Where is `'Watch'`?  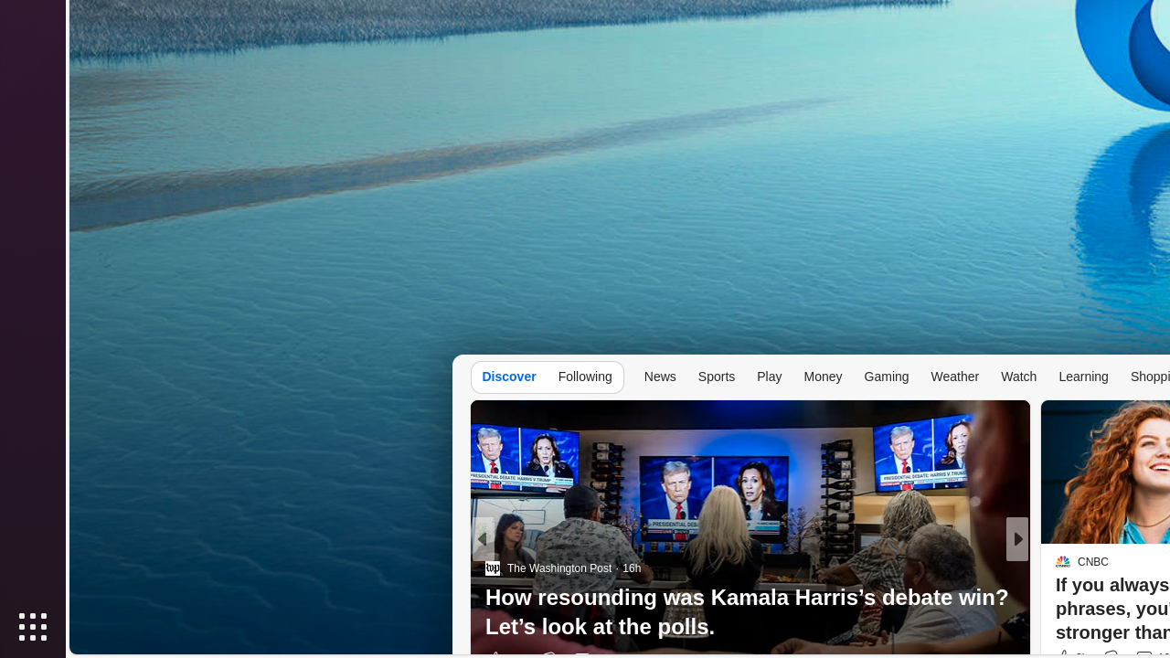
'Watch' is located at coordinates (1018, 375).